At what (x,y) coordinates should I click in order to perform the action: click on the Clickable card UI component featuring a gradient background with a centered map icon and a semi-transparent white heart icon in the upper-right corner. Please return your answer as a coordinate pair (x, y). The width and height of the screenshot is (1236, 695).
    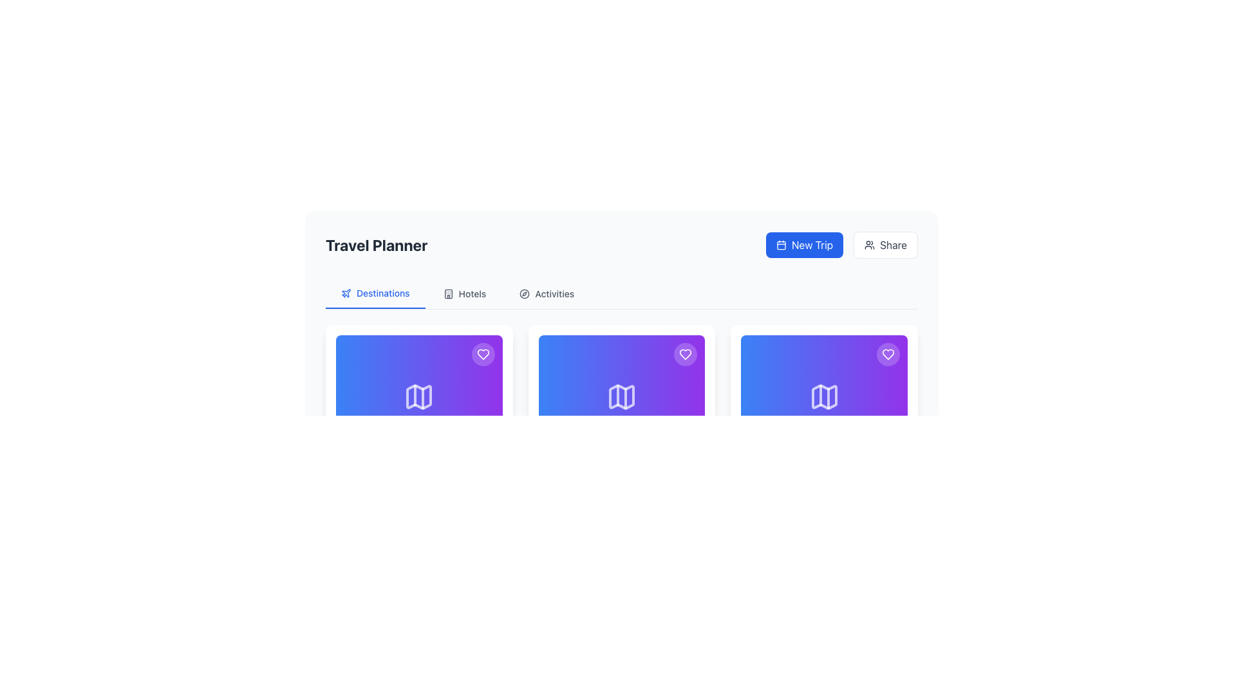
    Looking at the image, I should click on (621, 396).